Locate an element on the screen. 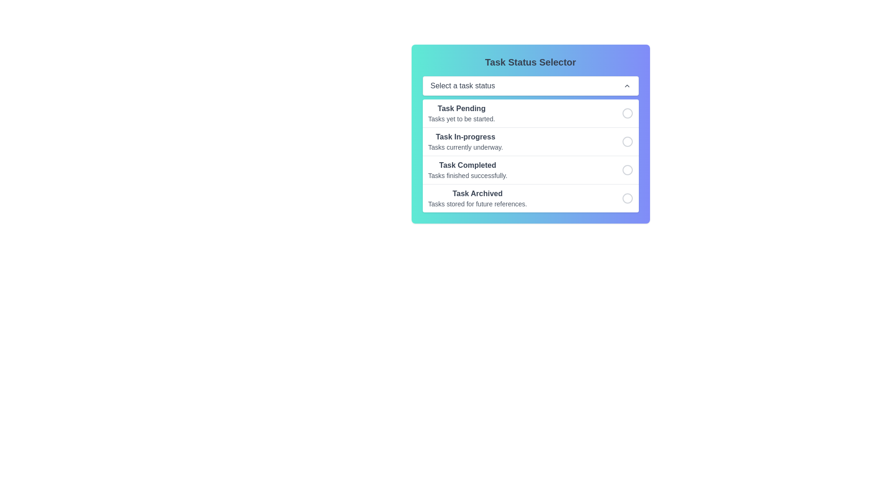  the text block that displays 'Task Pending' with the description 'Tasks yet to be started,' which is the first item in a vertical list within the task status selection interface is located at coordinates (461, 112).